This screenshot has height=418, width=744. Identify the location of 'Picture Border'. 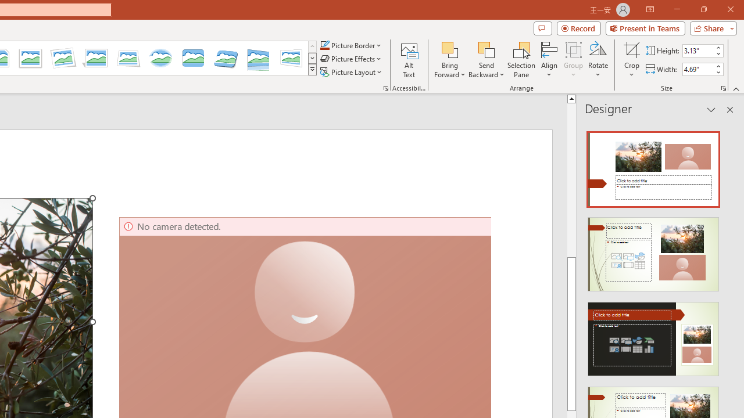
(350, 45).